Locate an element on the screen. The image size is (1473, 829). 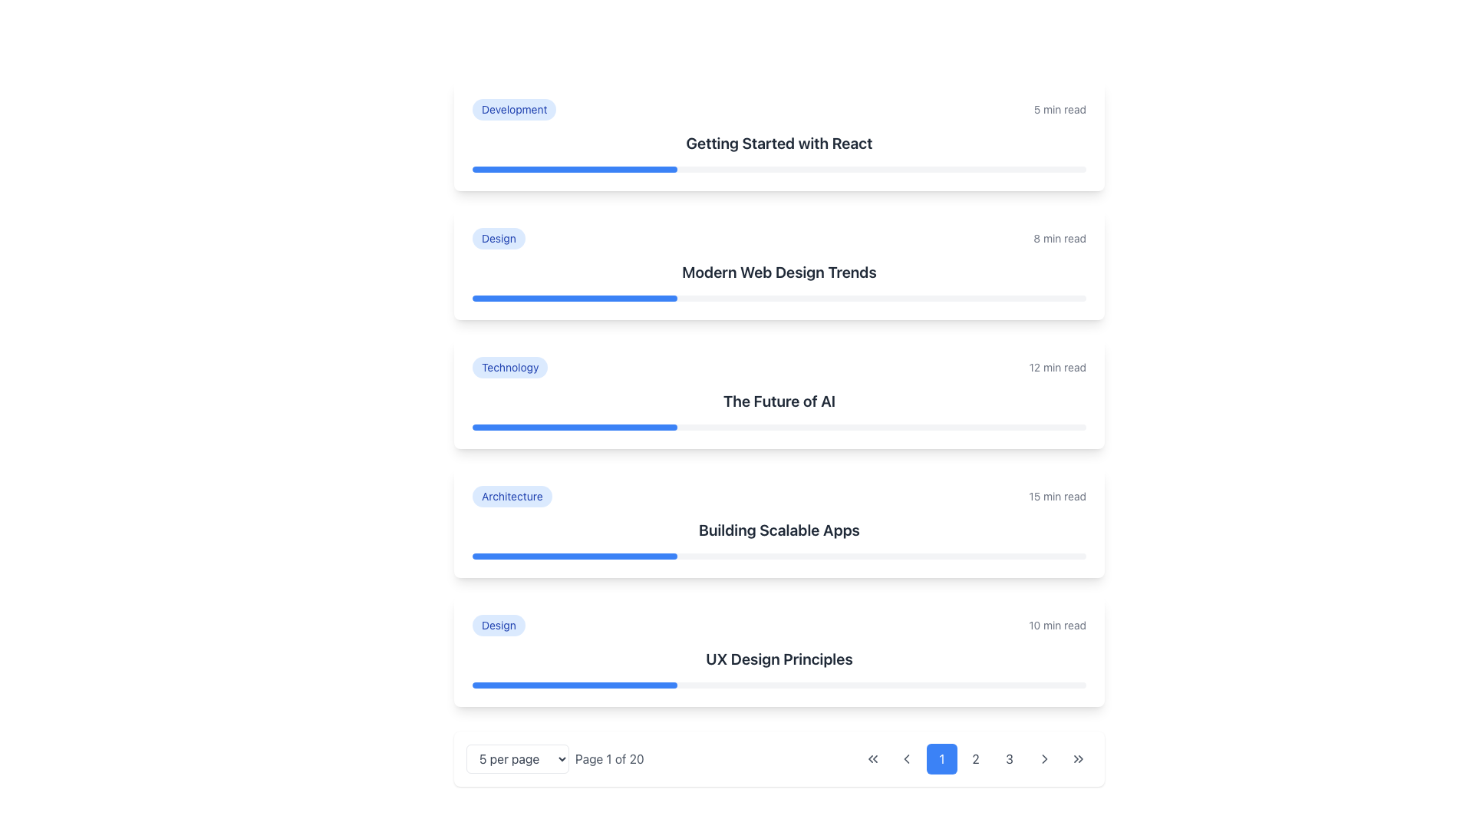
the button with the numerical '2' at its center is located at coordinates (975, 758).